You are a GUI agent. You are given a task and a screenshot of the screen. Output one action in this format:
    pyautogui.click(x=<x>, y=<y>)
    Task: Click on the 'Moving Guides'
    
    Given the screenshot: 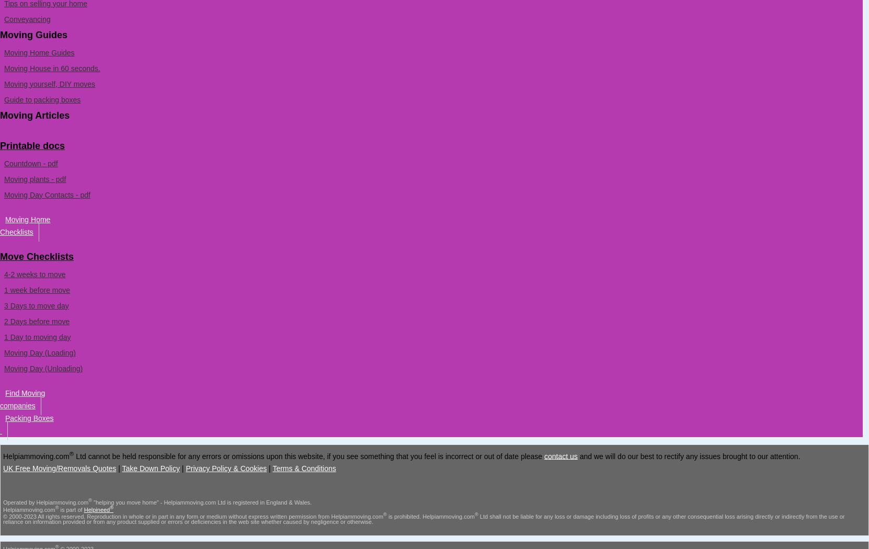 What is the action you would take?
    pyautogui.click(x=33, y=34)
    